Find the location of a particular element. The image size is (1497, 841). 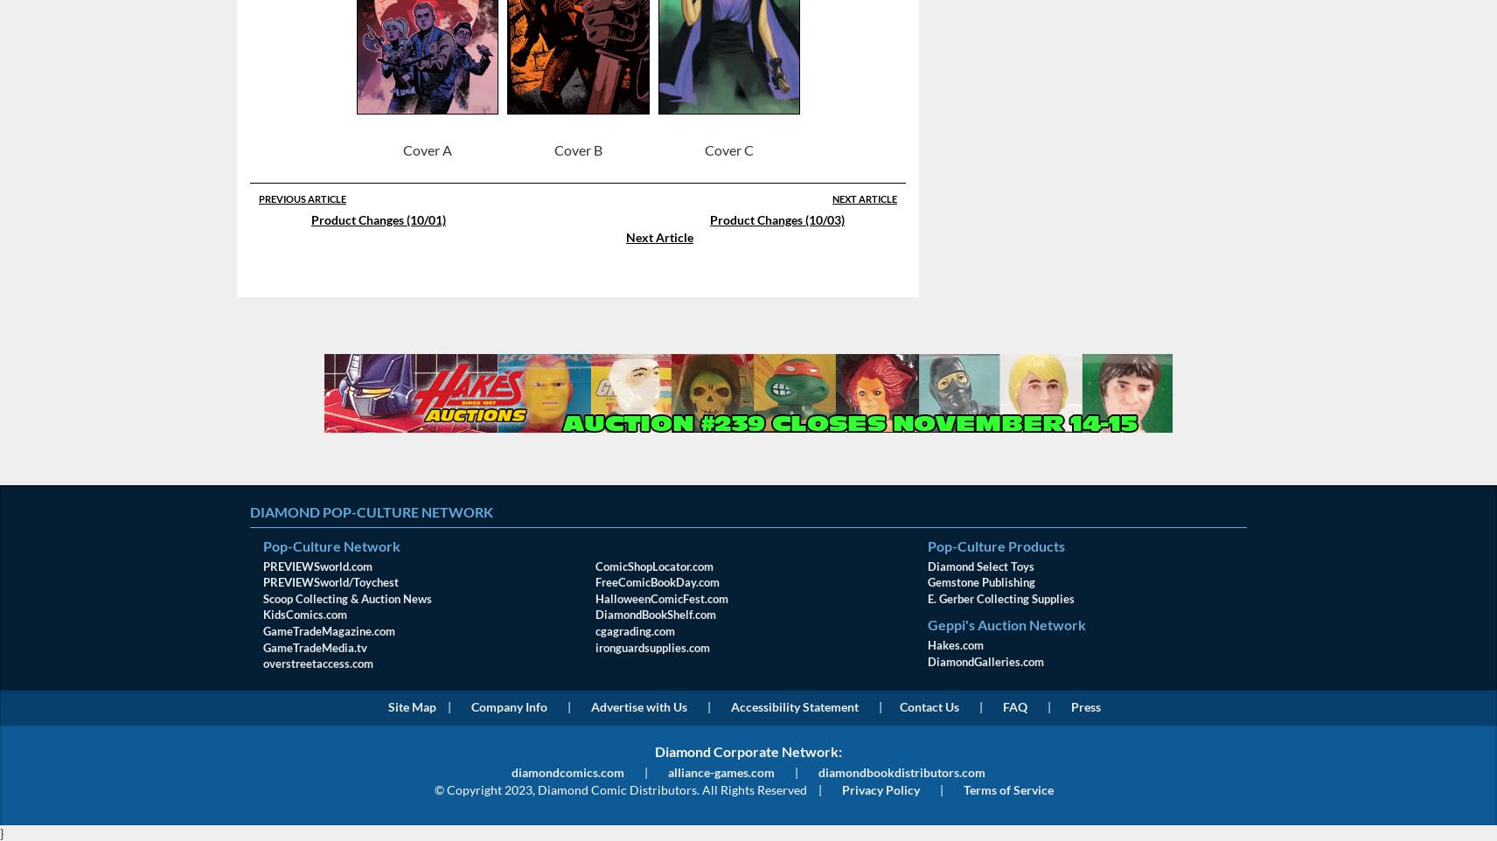

'© Copyright 2023, Diamond Comic Distributors. All Rights Reserved' is located at coordinates (620, 788).